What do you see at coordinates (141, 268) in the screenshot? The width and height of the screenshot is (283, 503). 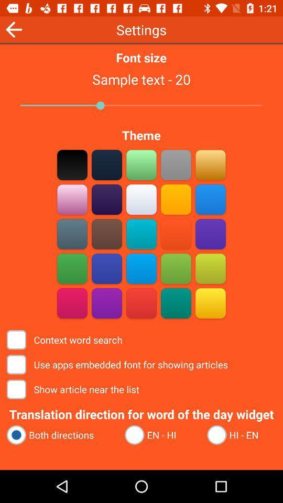 I see `blue color` at bounding box center [141, 268].